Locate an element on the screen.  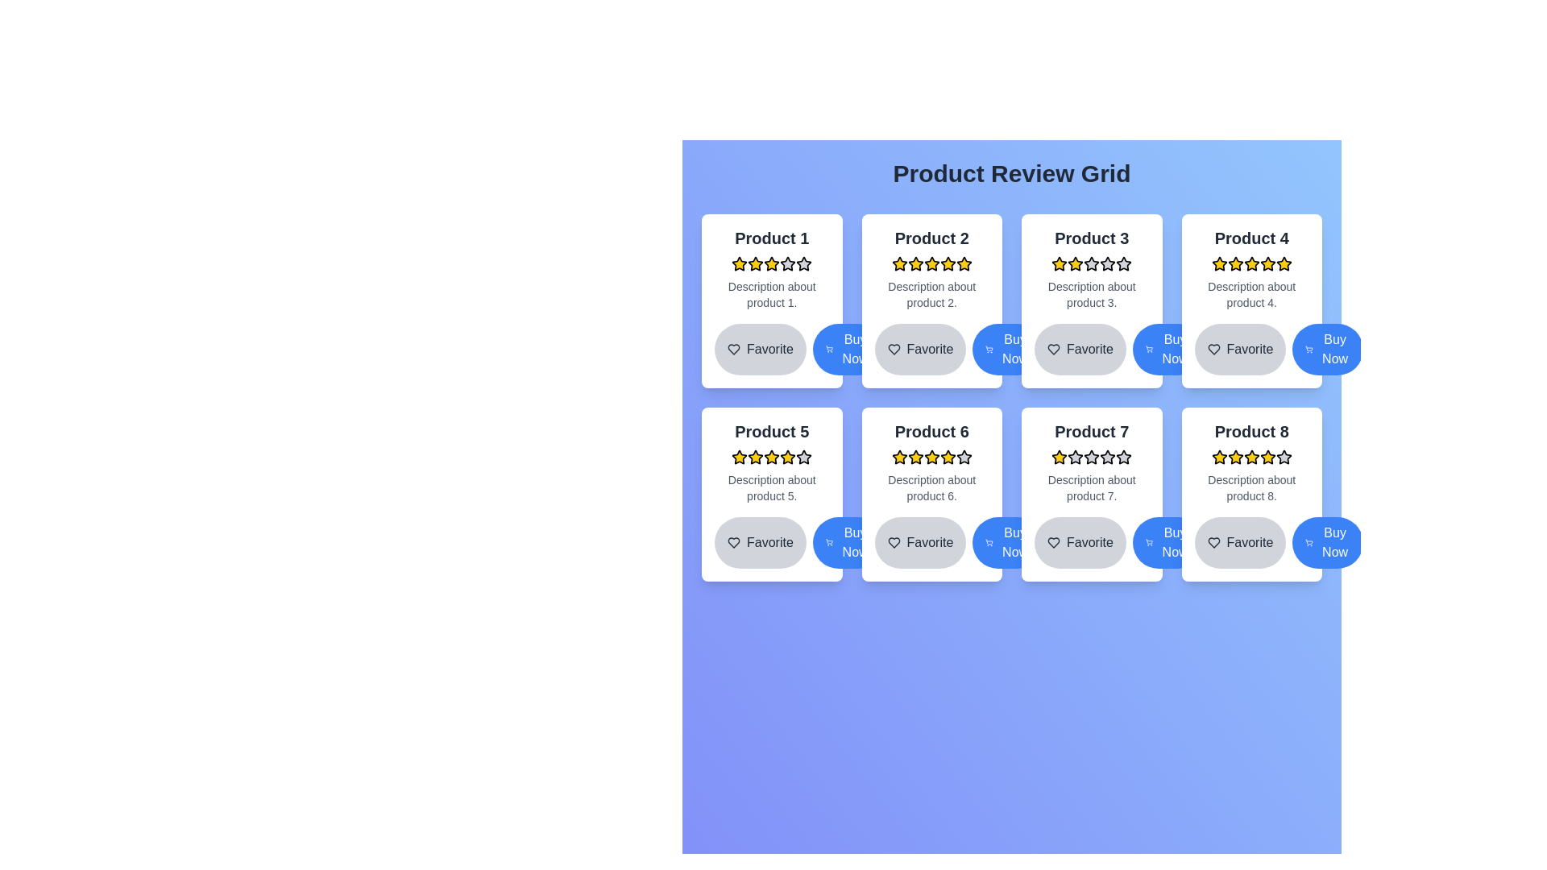
the bold, larger dark gray text that reads 'Product 5', located at the top of the product card in the second row, first column of the grid layout is located at coordinates (771, 431).